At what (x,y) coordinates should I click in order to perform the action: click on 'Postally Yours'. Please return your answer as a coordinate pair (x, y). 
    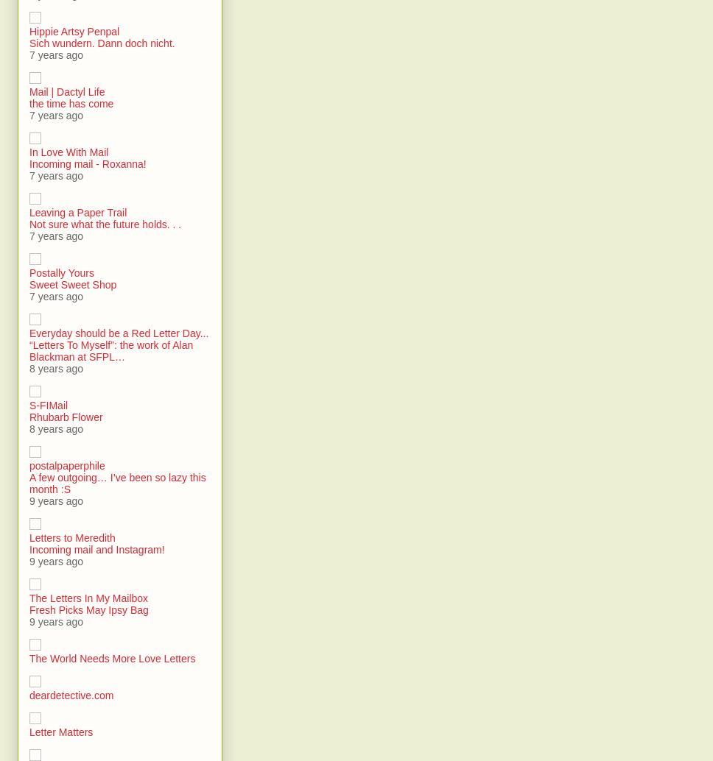
    Looking at the image, I should click on (29, 272).